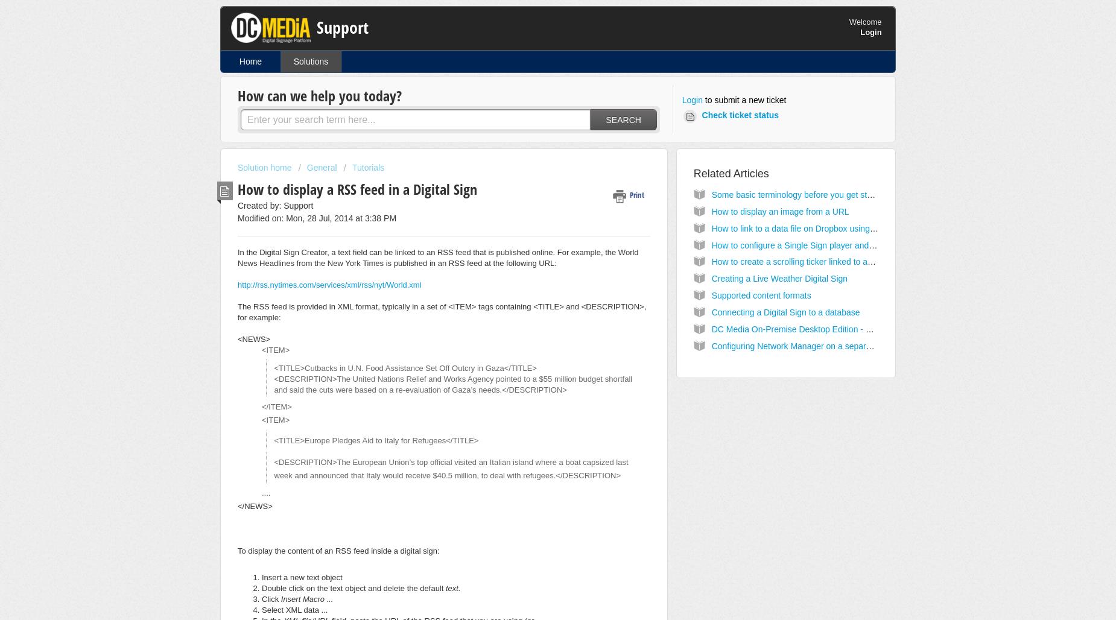 The height and width of the screenshot is (620, 1116). Describe the element at coordinates (391, 440) in the screenshot. I see `'Europe Pledges Aid to Italy for Refugees</TITLE>'` at that location.